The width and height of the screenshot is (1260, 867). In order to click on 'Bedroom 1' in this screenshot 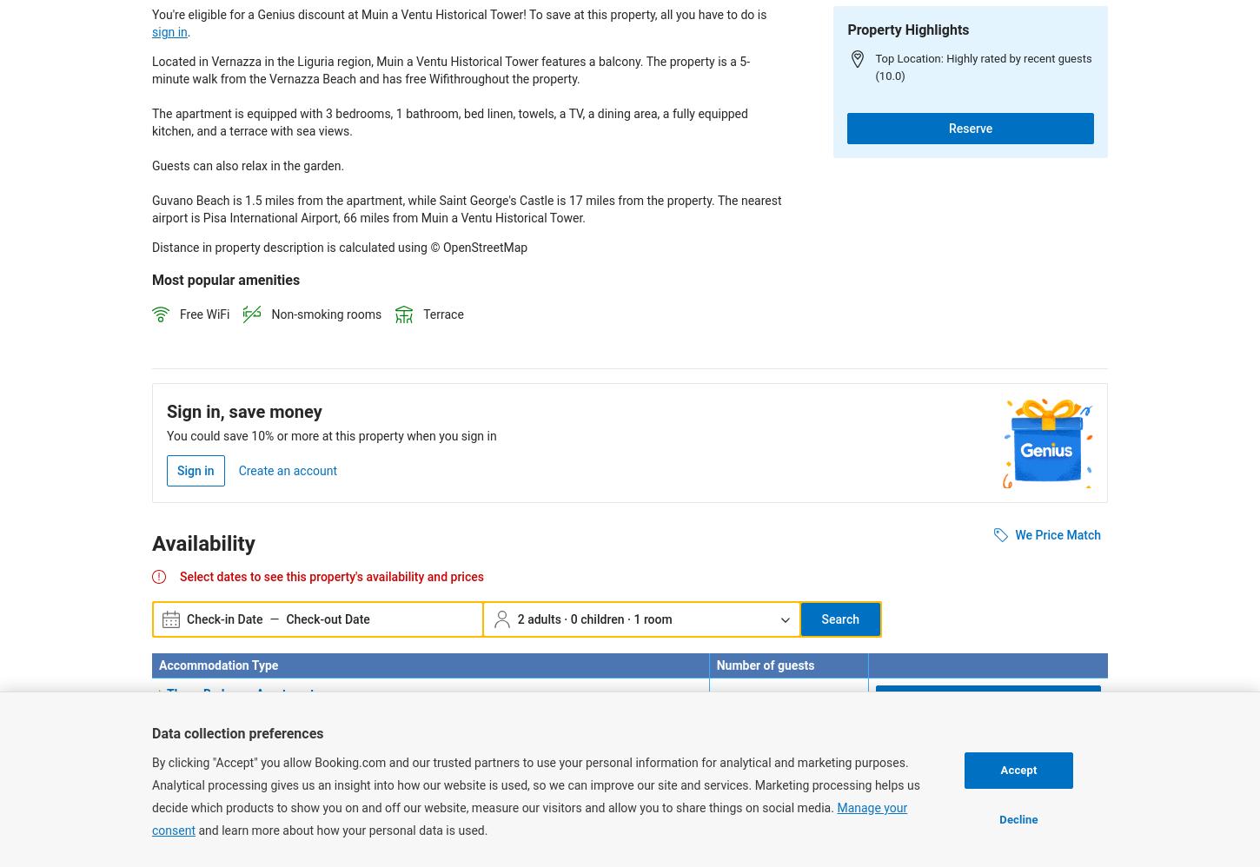, I will do `click(182, 711)`.